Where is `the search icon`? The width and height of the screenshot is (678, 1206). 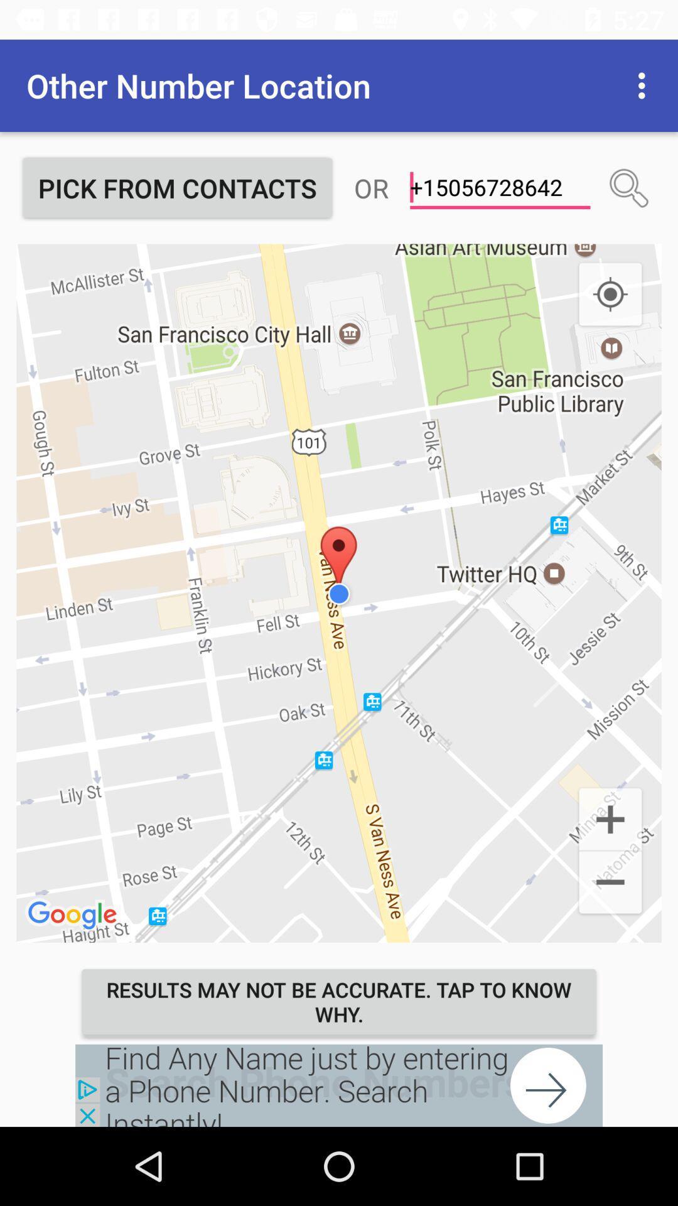 the search icon is located at coordinates (629, 187).